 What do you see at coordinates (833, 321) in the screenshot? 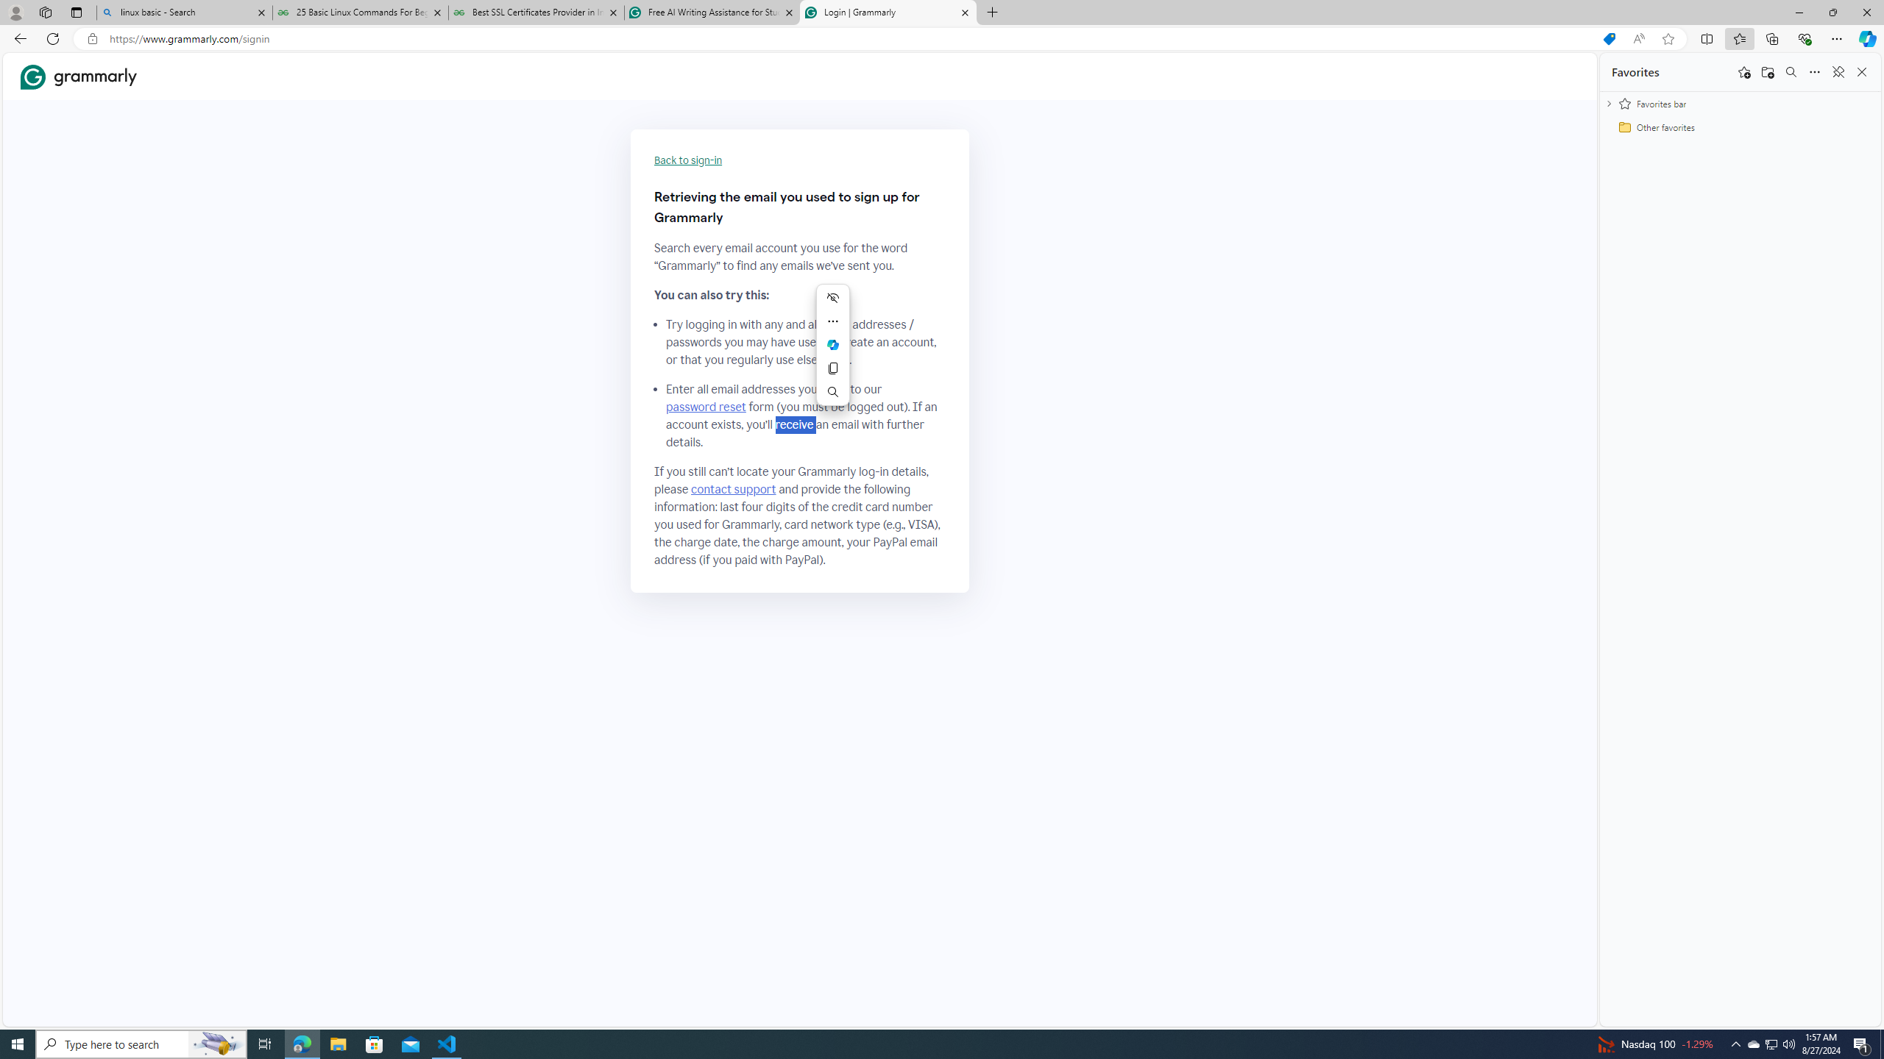
I see `'More actions'` at bounding box center [833, 321].